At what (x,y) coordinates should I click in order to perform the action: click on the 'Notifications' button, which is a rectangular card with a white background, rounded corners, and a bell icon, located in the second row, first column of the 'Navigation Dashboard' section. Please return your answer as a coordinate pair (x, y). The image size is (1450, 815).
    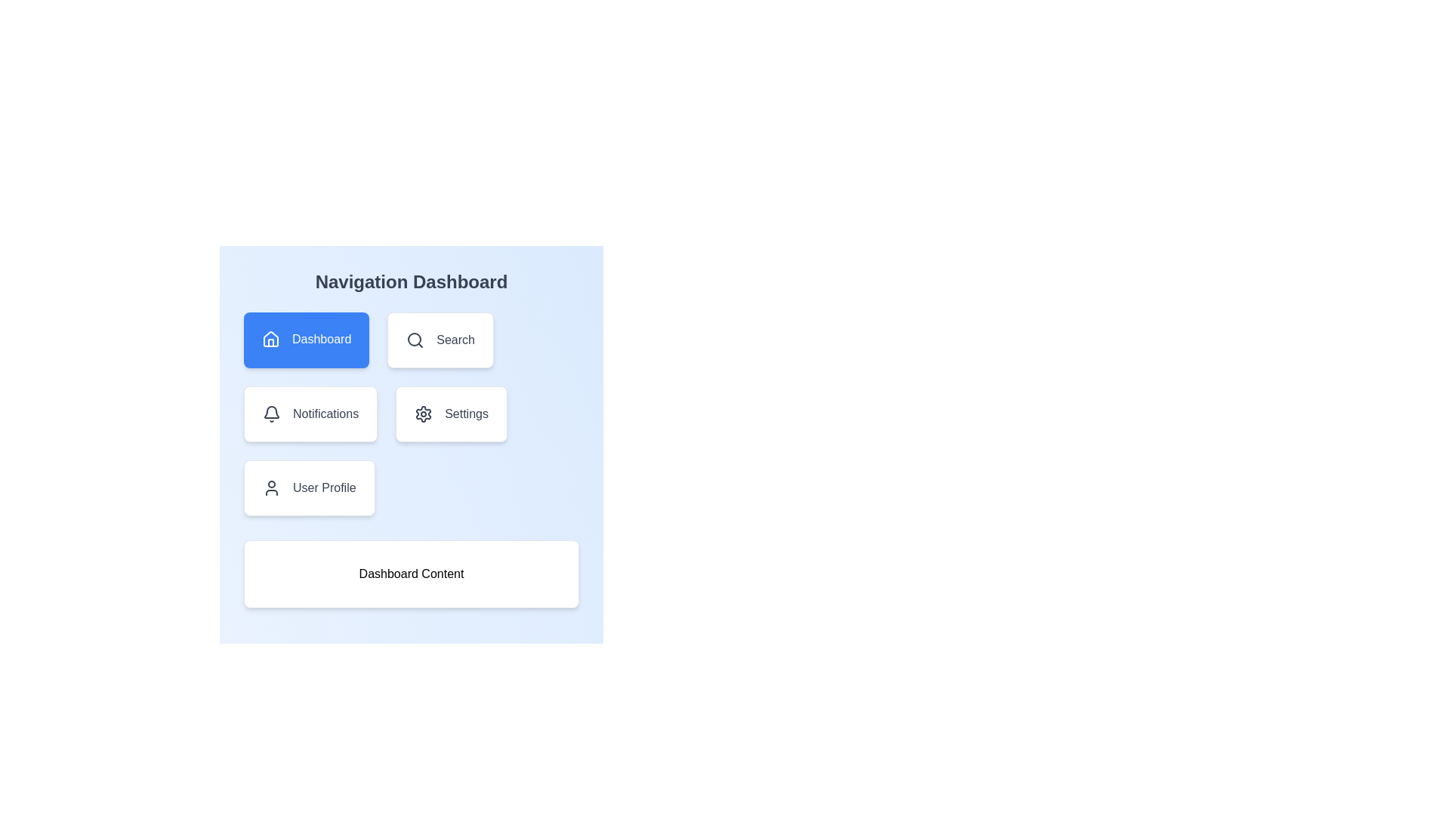
    Looking at the image, I should click on (310, 414).